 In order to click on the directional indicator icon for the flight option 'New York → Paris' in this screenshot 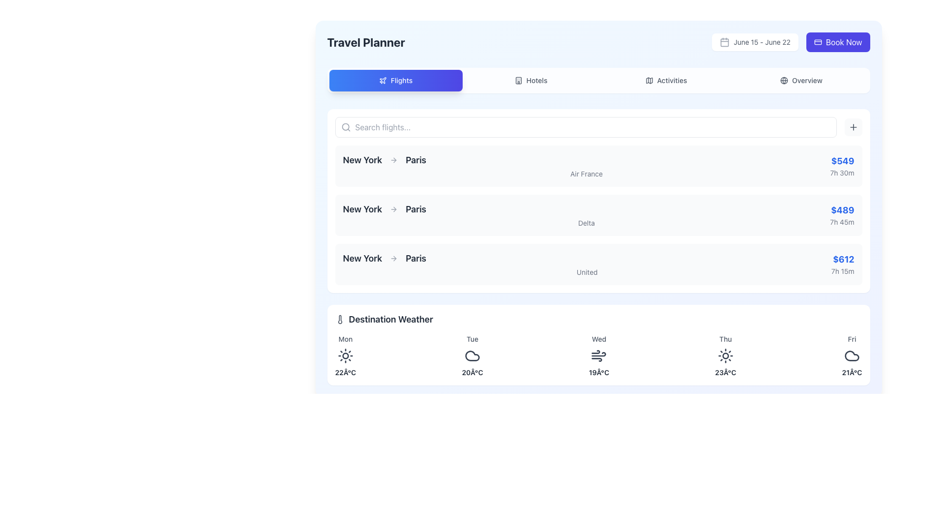, I will do `click(395, 258)`.